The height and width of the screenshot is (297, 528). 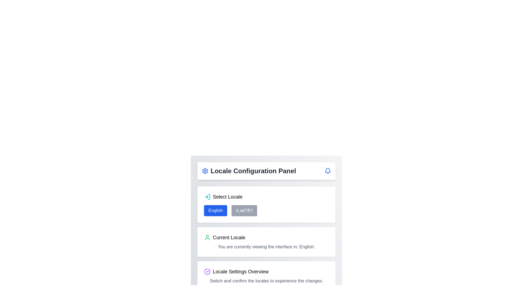 What do you see at coordinates (207, 271) in the screenshot?
I see `the outer circular arc of the 'lucide-circle-check-big' SVG icon located at the bottom-right of the Locale Configuration Panel interface` at bounding box center [207, 271].